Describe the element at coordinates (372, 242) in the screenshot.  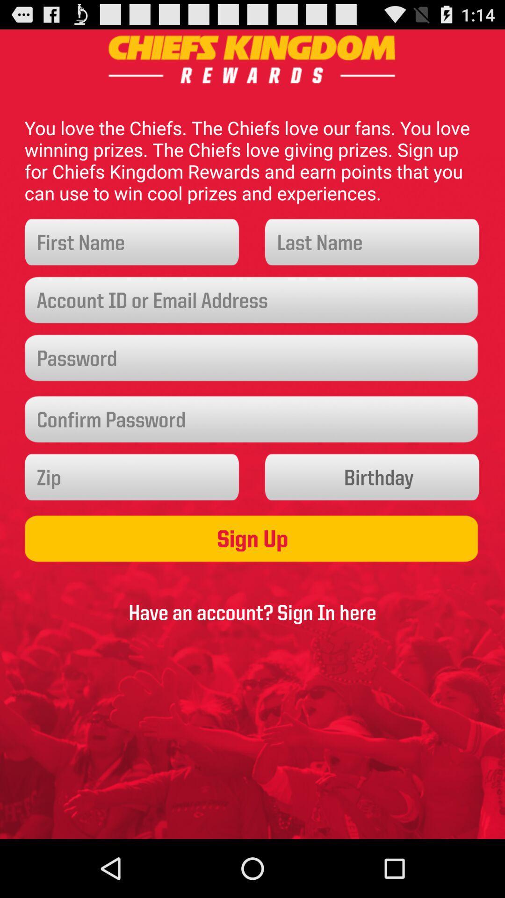
I see `last name` at that location.